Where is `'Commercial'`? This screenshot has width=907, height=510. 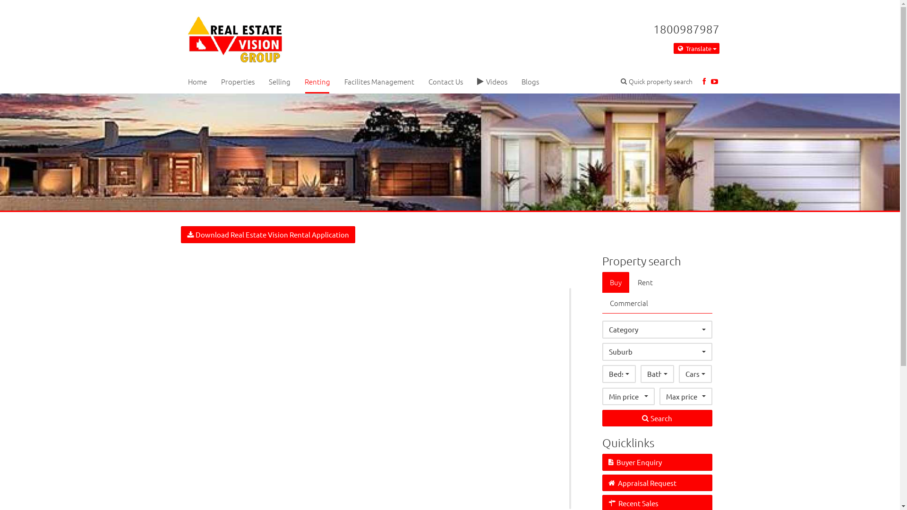
'Commercial' is located at coordinates (629, 303).